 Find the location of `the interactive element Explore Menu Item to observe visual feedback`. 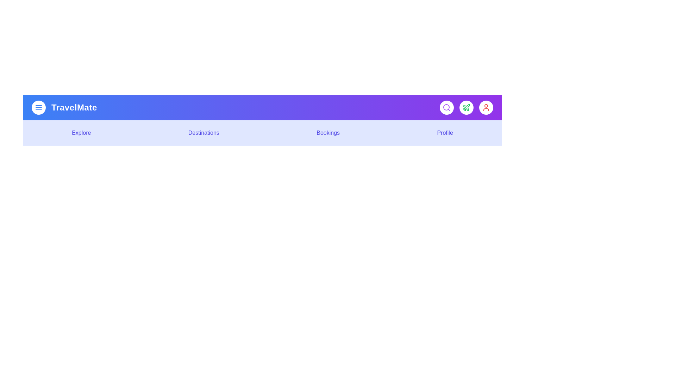

the interactive element Explore Menu Item to observe visual feedback is located at coordinates (81, 133).